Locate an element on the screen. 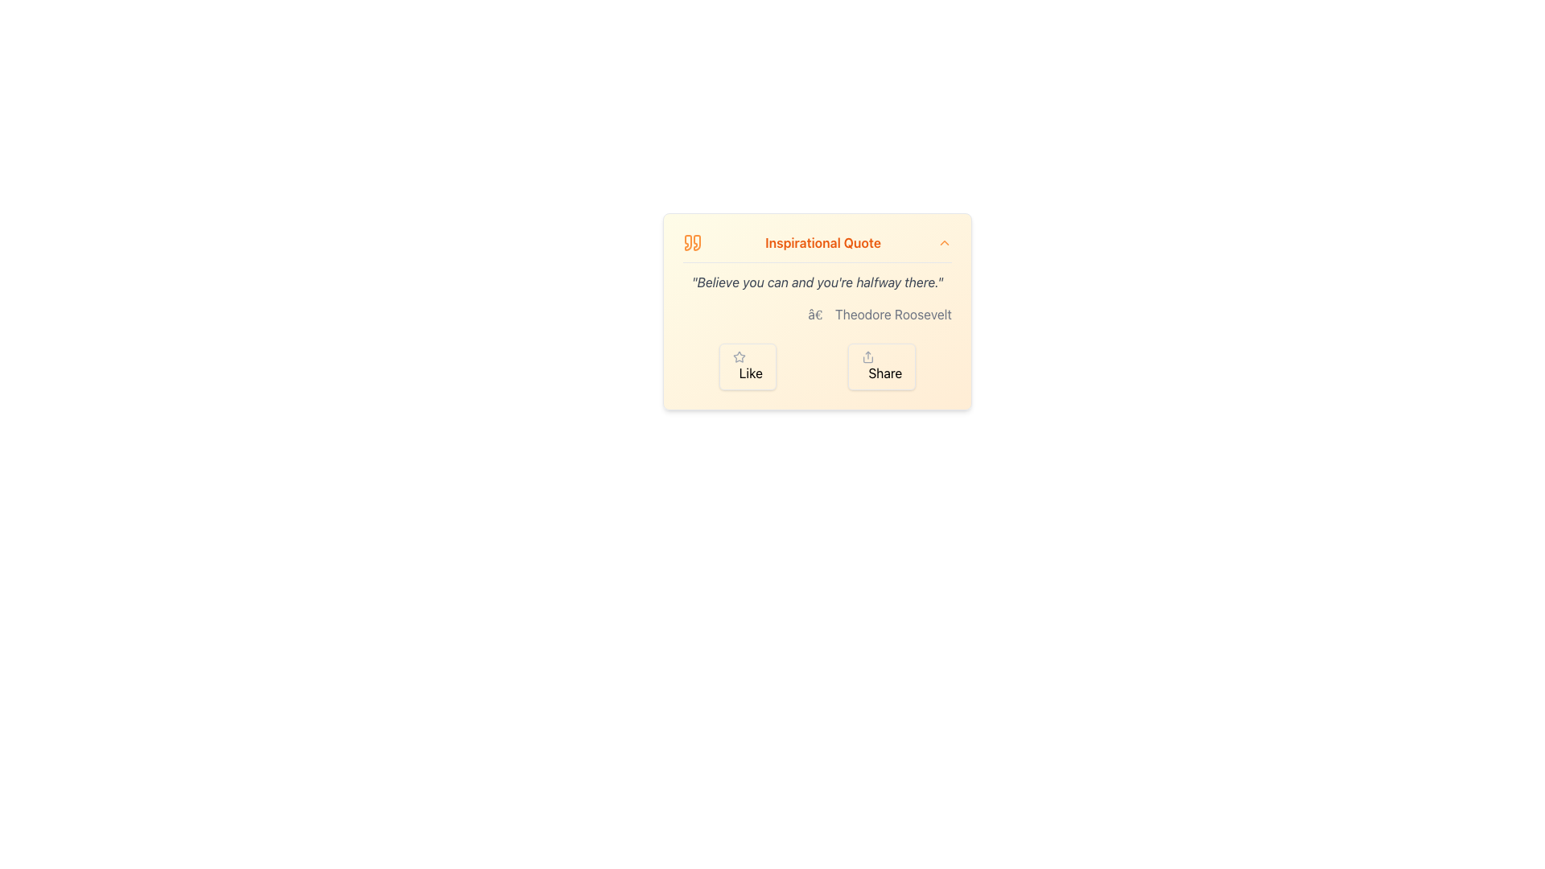  the leftmost quotation mark icon located at the top-left of the card interface header, which precedes the title 'Inspirational Quote' is located at coordinates (688, 242).